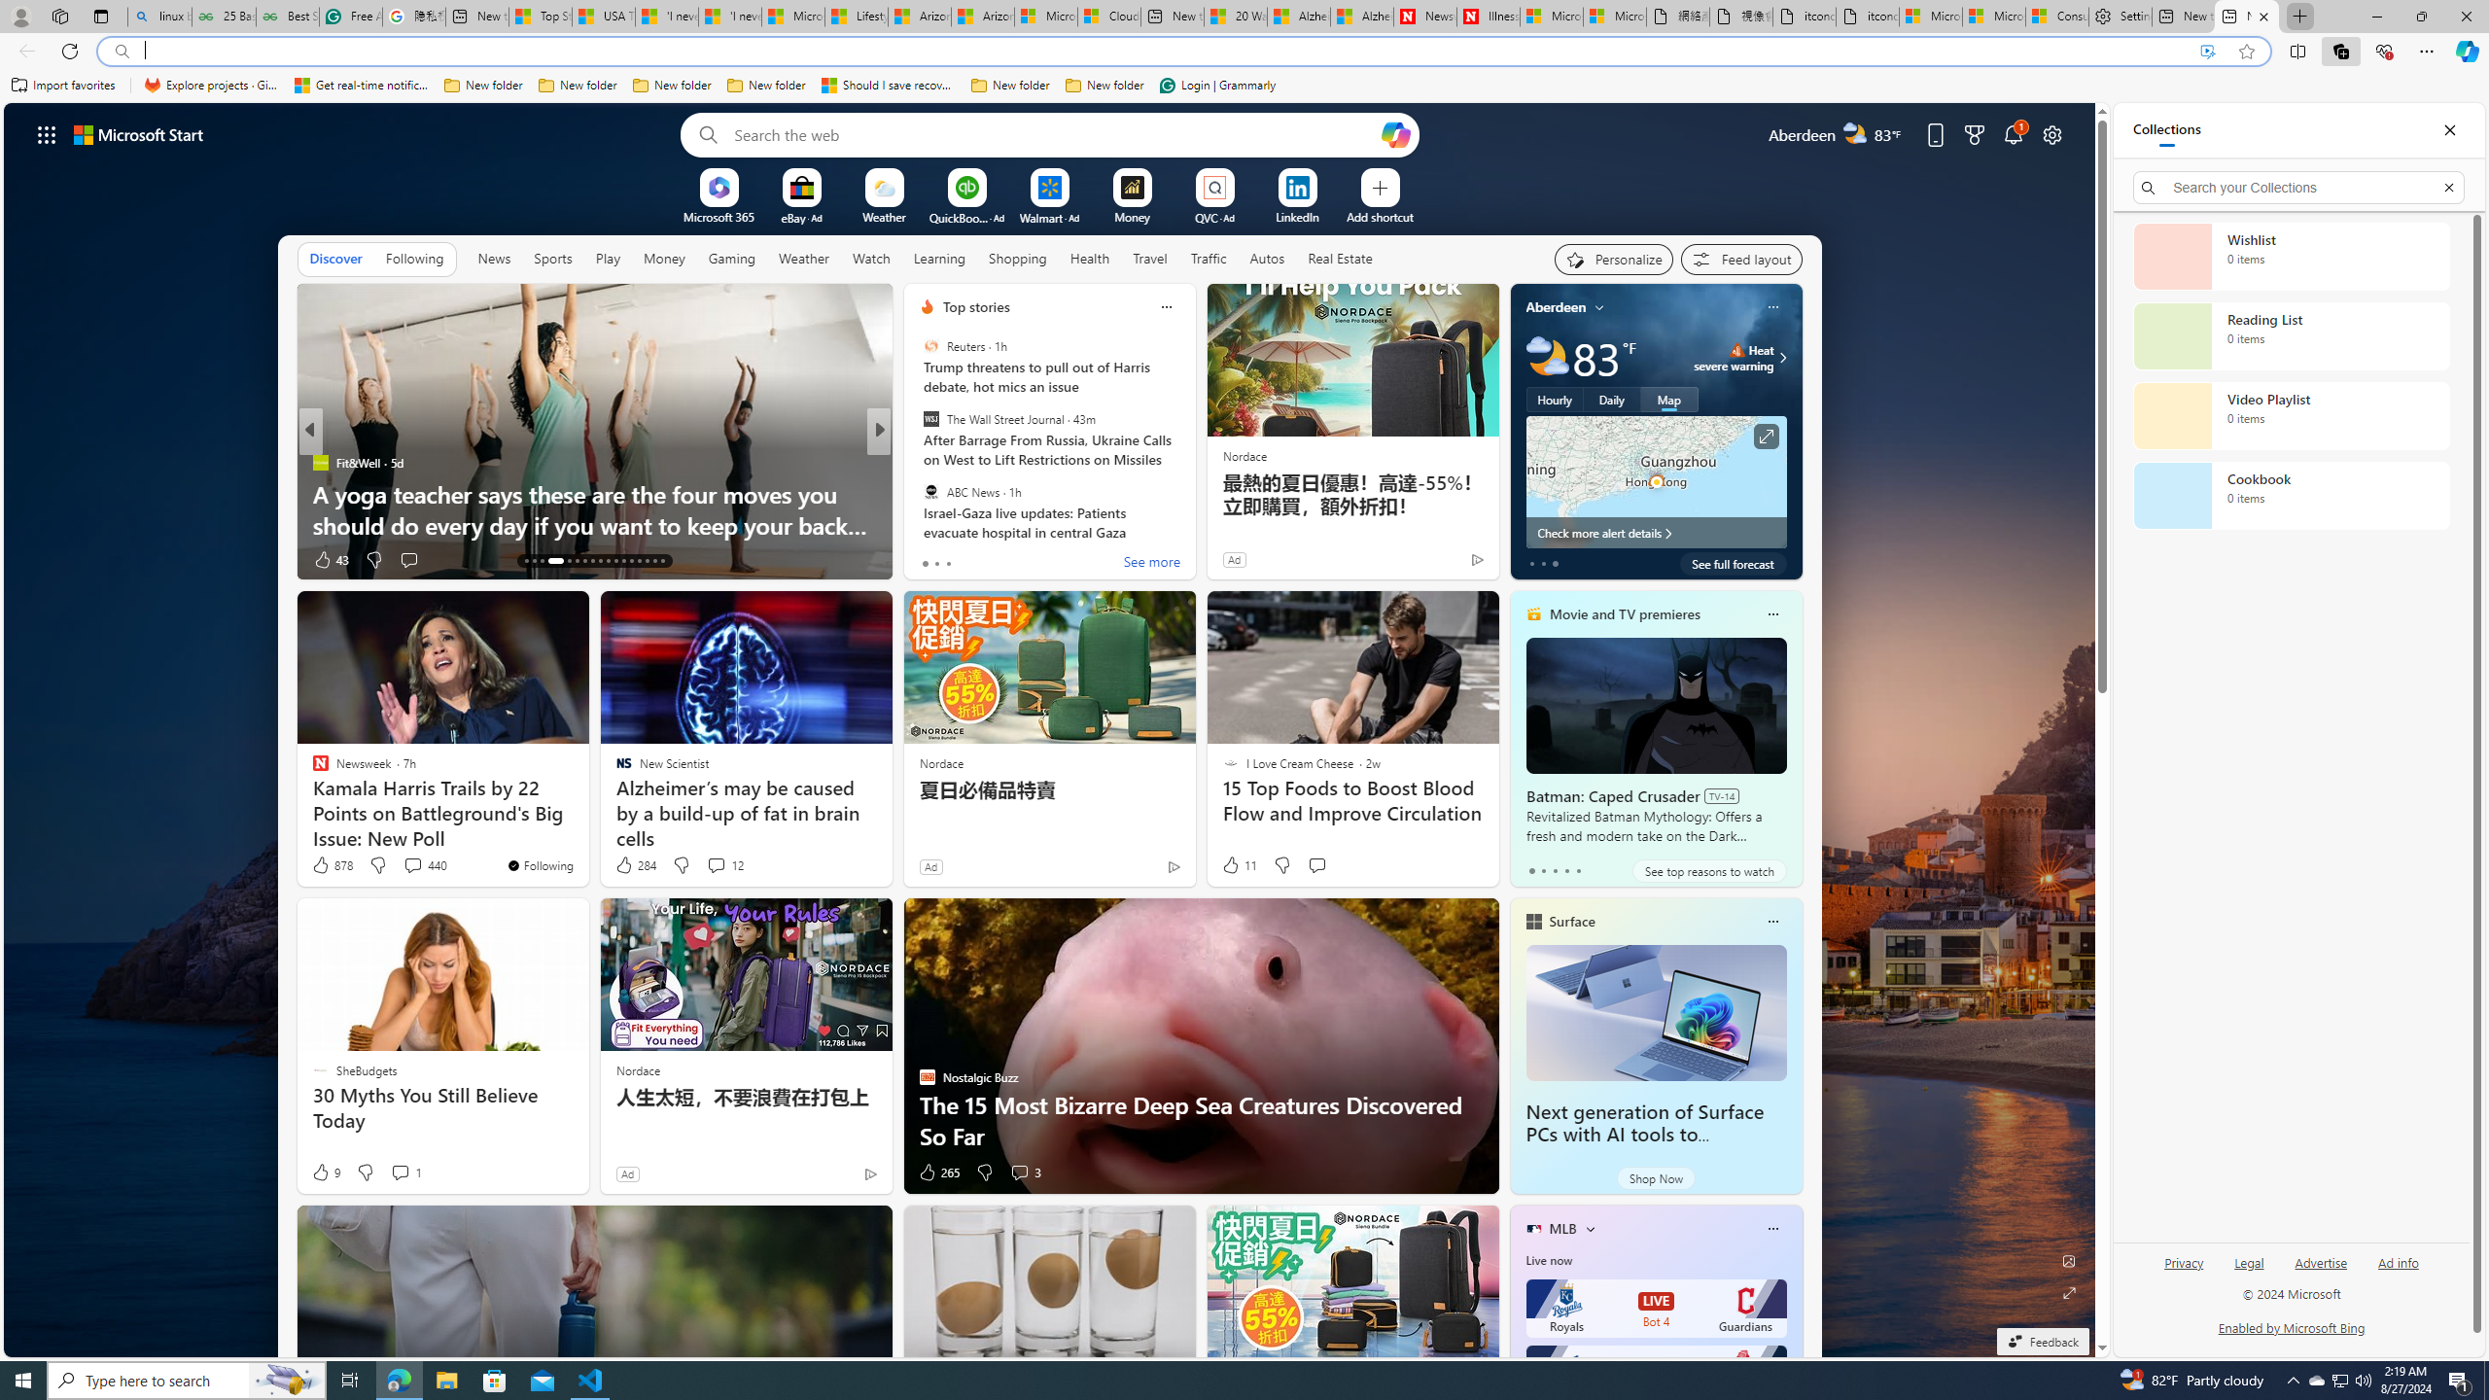 Image resolution: width=2489 pixels, height=1400 pixels. I want to click on 'tab-3', so click(1565, 870).